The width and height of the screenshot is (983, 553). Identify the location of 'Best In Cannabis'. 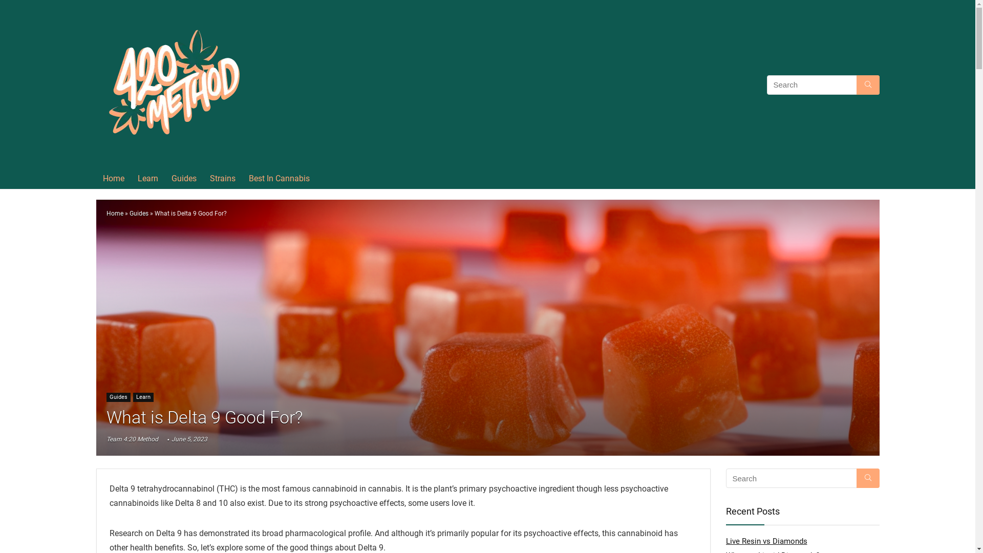
(241, 179).